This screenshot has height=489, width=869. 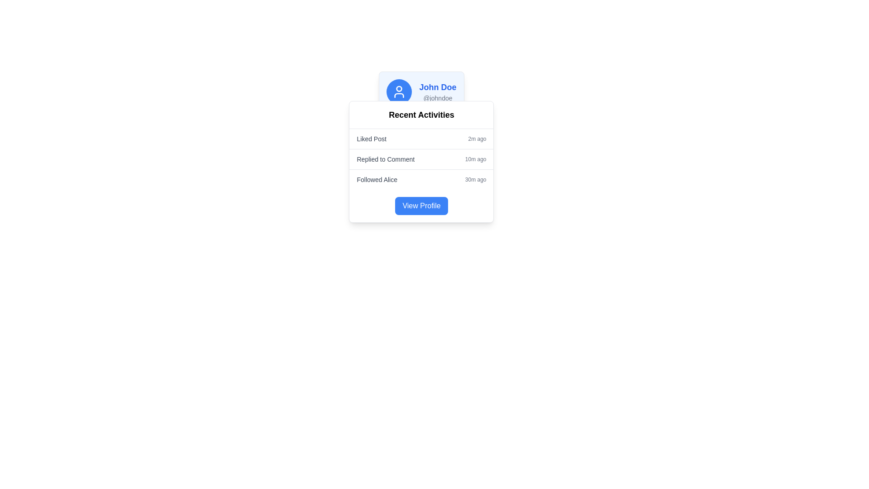 I want to click on the content of the third Text Row in the 'Recent Activities' section that indicates the user followed Alice 30 minutes ago, so click(x=421, y=179).